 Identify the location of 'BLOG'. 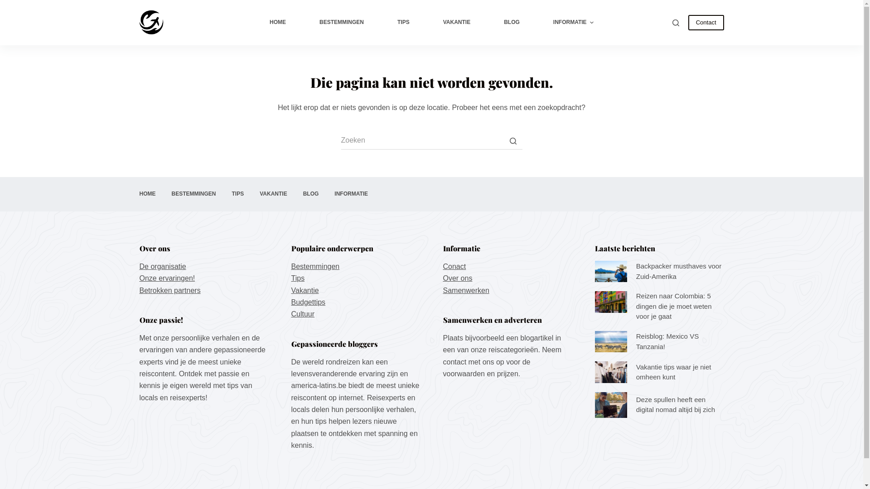
(311, 193).